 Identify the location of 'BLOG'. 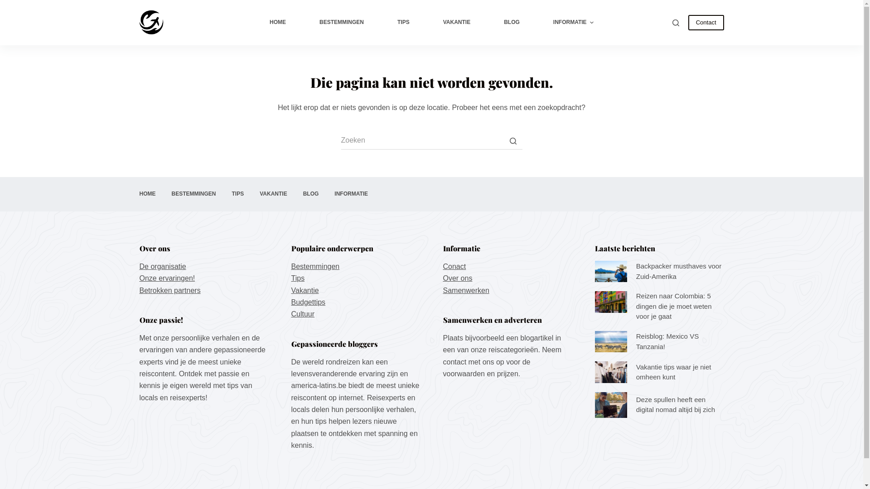
(311, 193).